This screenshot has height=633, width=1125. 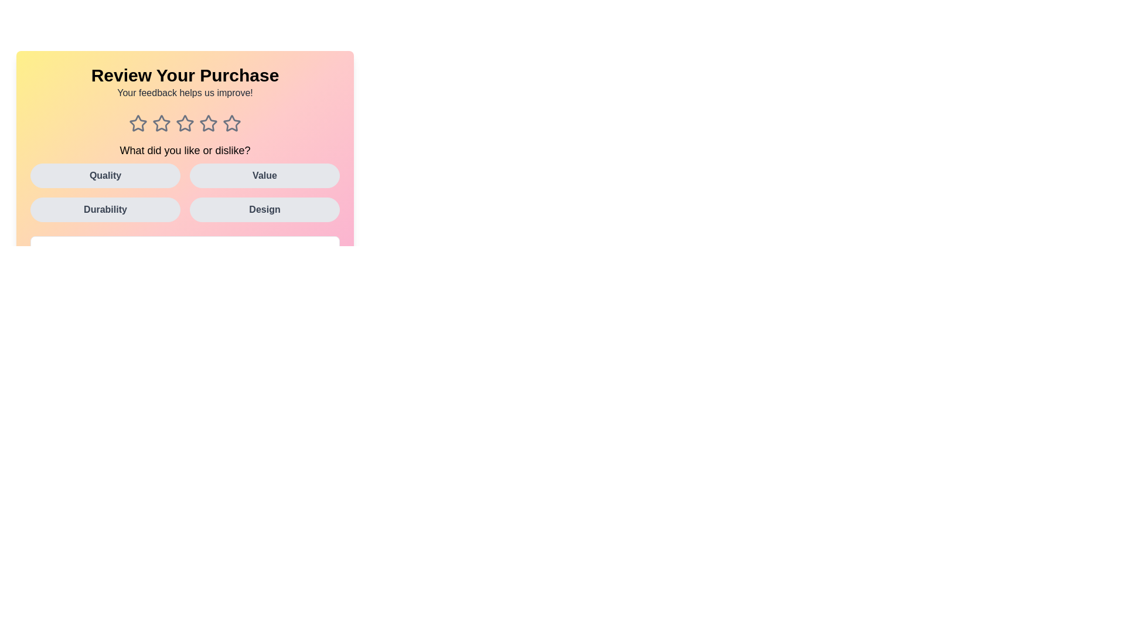 I want to click on the fourth star-shaped rating icon, which is gray and enlarges on hover, located beneath the heading 'Review Your Purchase', so click(x=208, y=124).